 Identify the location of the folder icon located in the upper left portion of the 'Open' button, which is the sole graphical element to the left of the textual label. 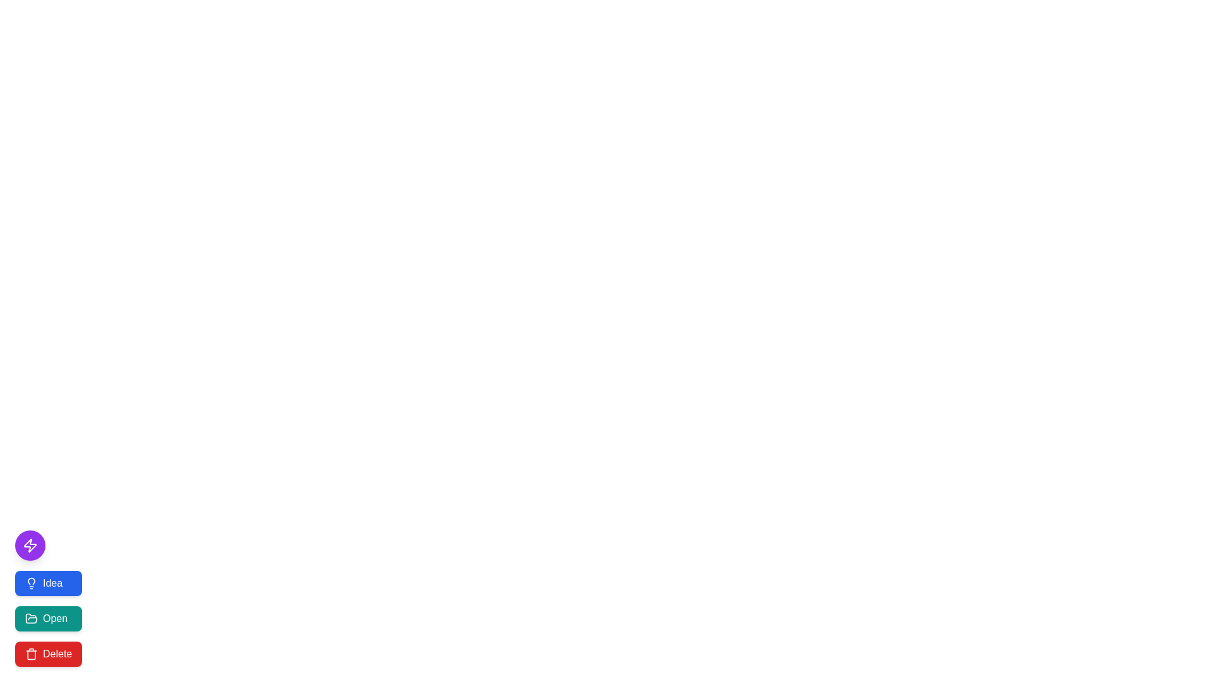
(31, 618).